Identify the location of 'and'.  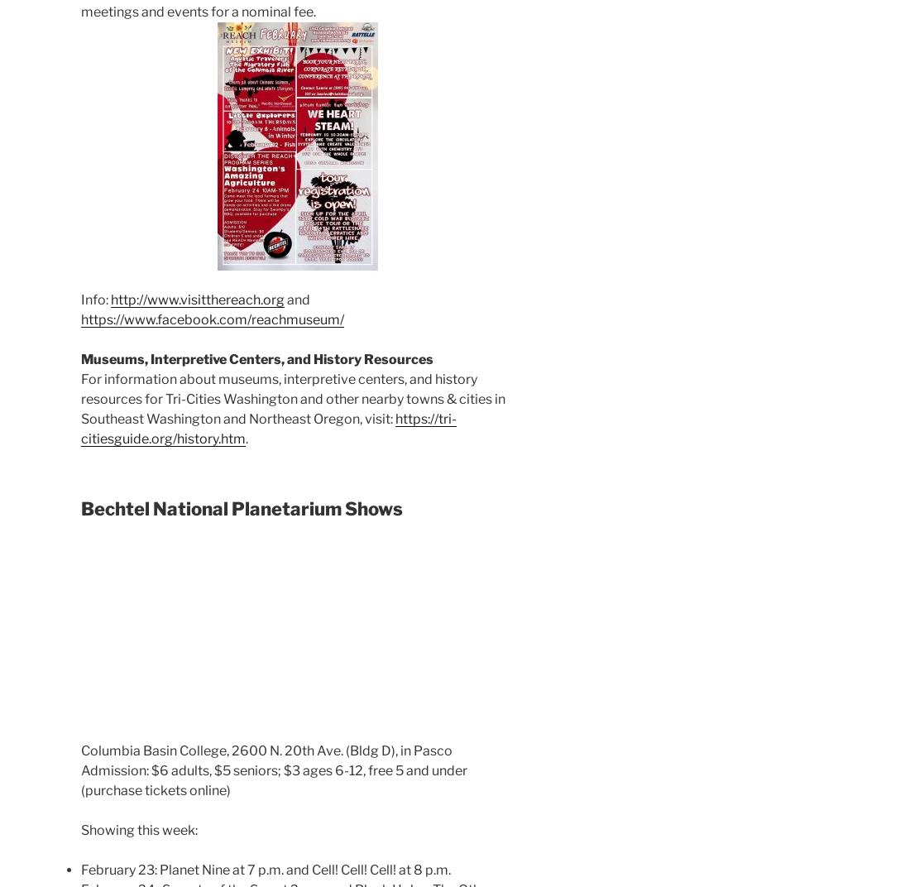
(297, 300).